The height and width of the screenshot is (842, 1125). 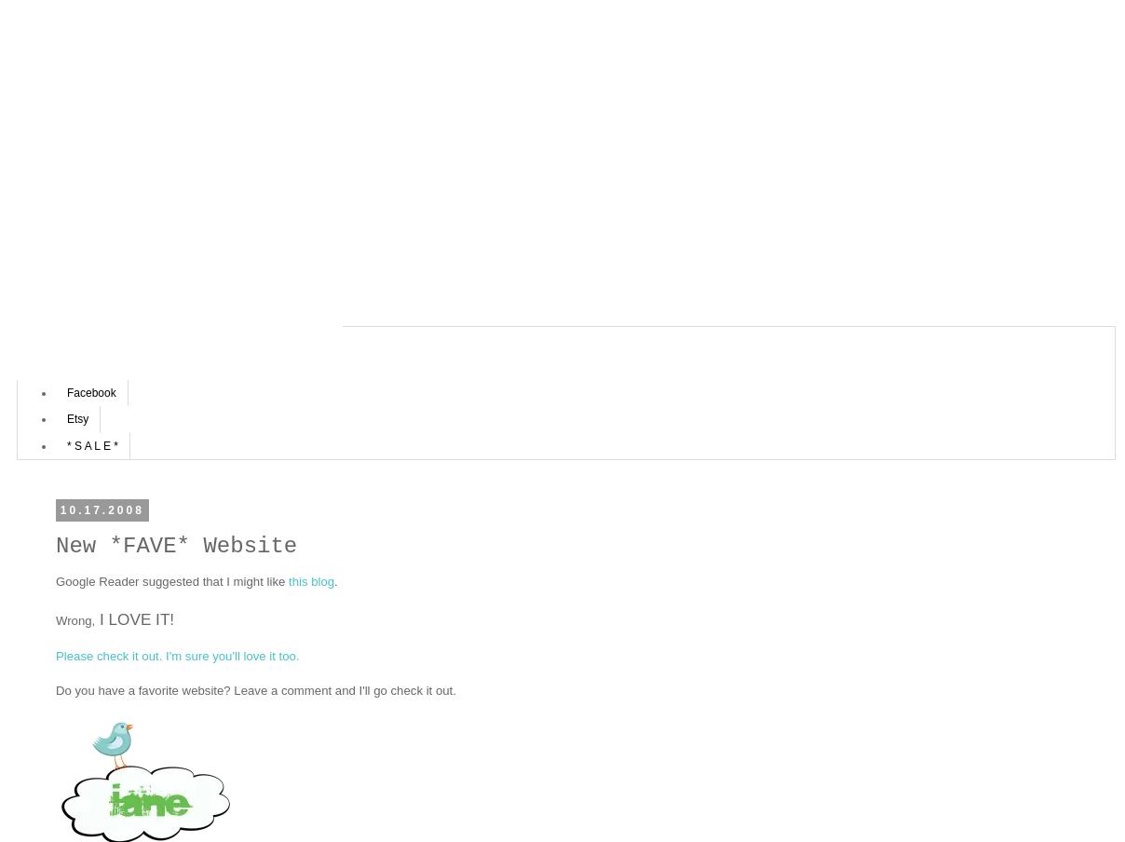 What do you see at coordinates (55, 544) in the screenshot?
I see `'New *FAVE* Website'` at bounding box center [55, 544].